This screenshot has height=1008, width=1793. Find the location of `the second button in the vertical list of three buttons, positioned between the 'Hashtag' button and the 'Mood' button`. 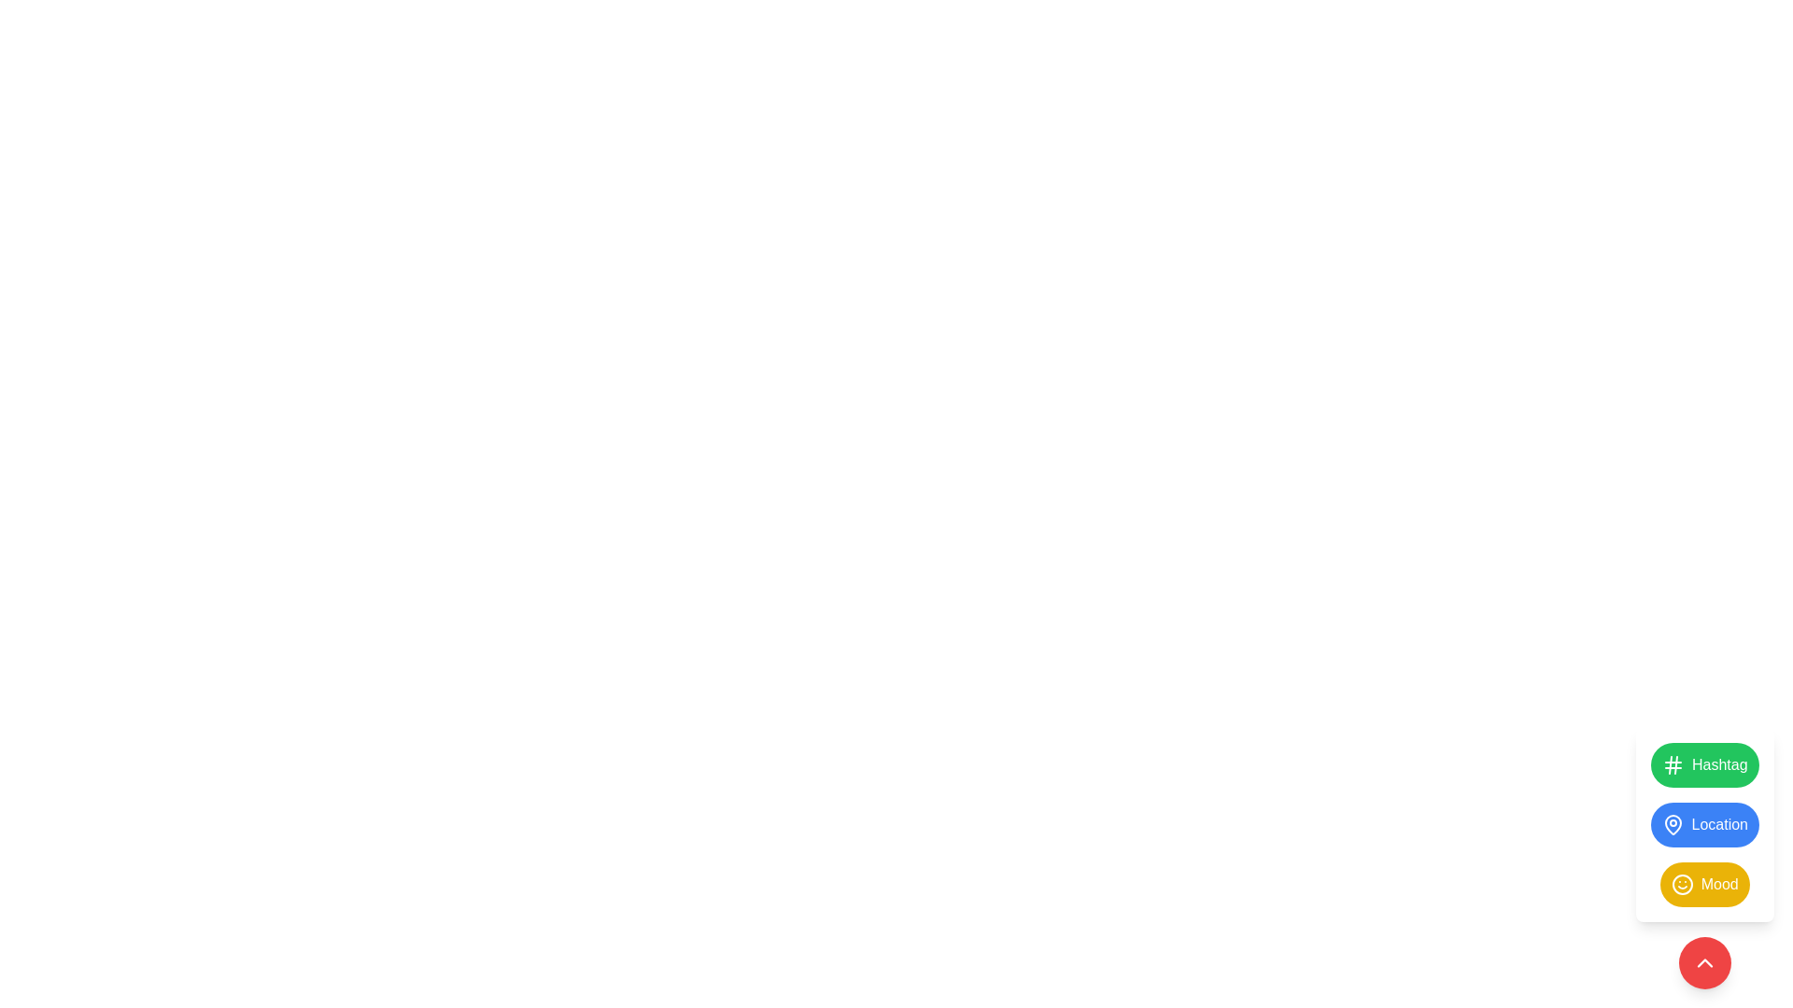

the second button in the vertical list of three buttons, positioned between the 'Hashtag' button and the 'Mood' button is located at coordinates (1704, 823).